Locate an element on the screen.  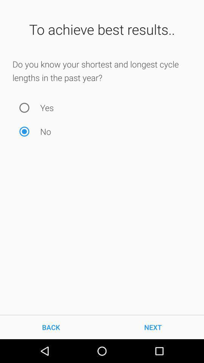
no toggle option is located at coordinates (24, 132).